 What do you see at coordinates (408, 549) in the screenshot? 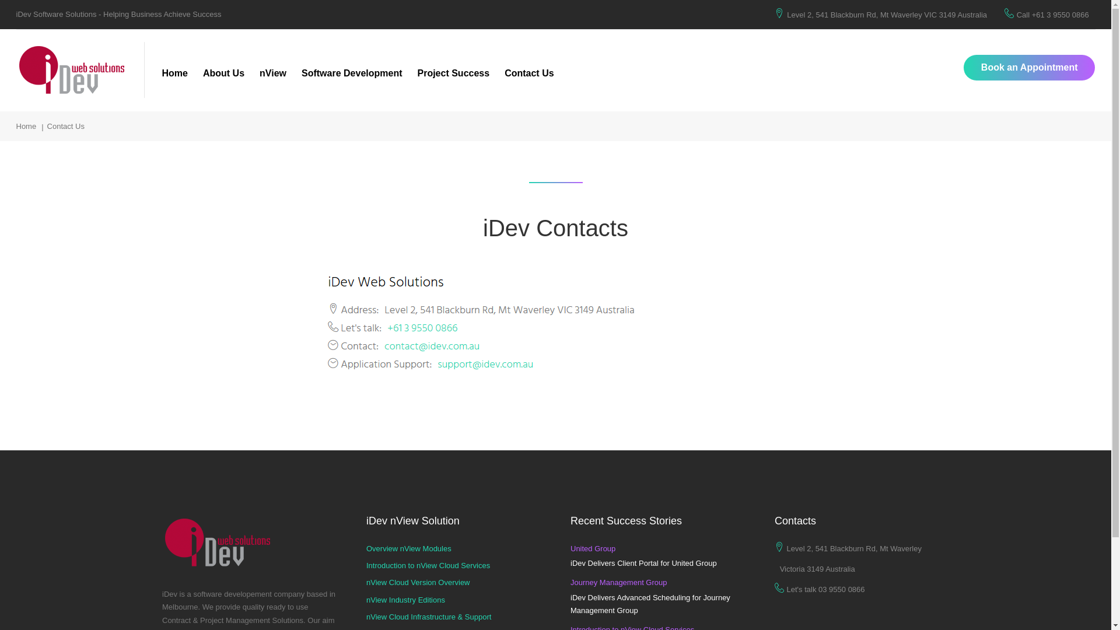
I see `'Overview nView Modules'` at bounding box center [408, 549].